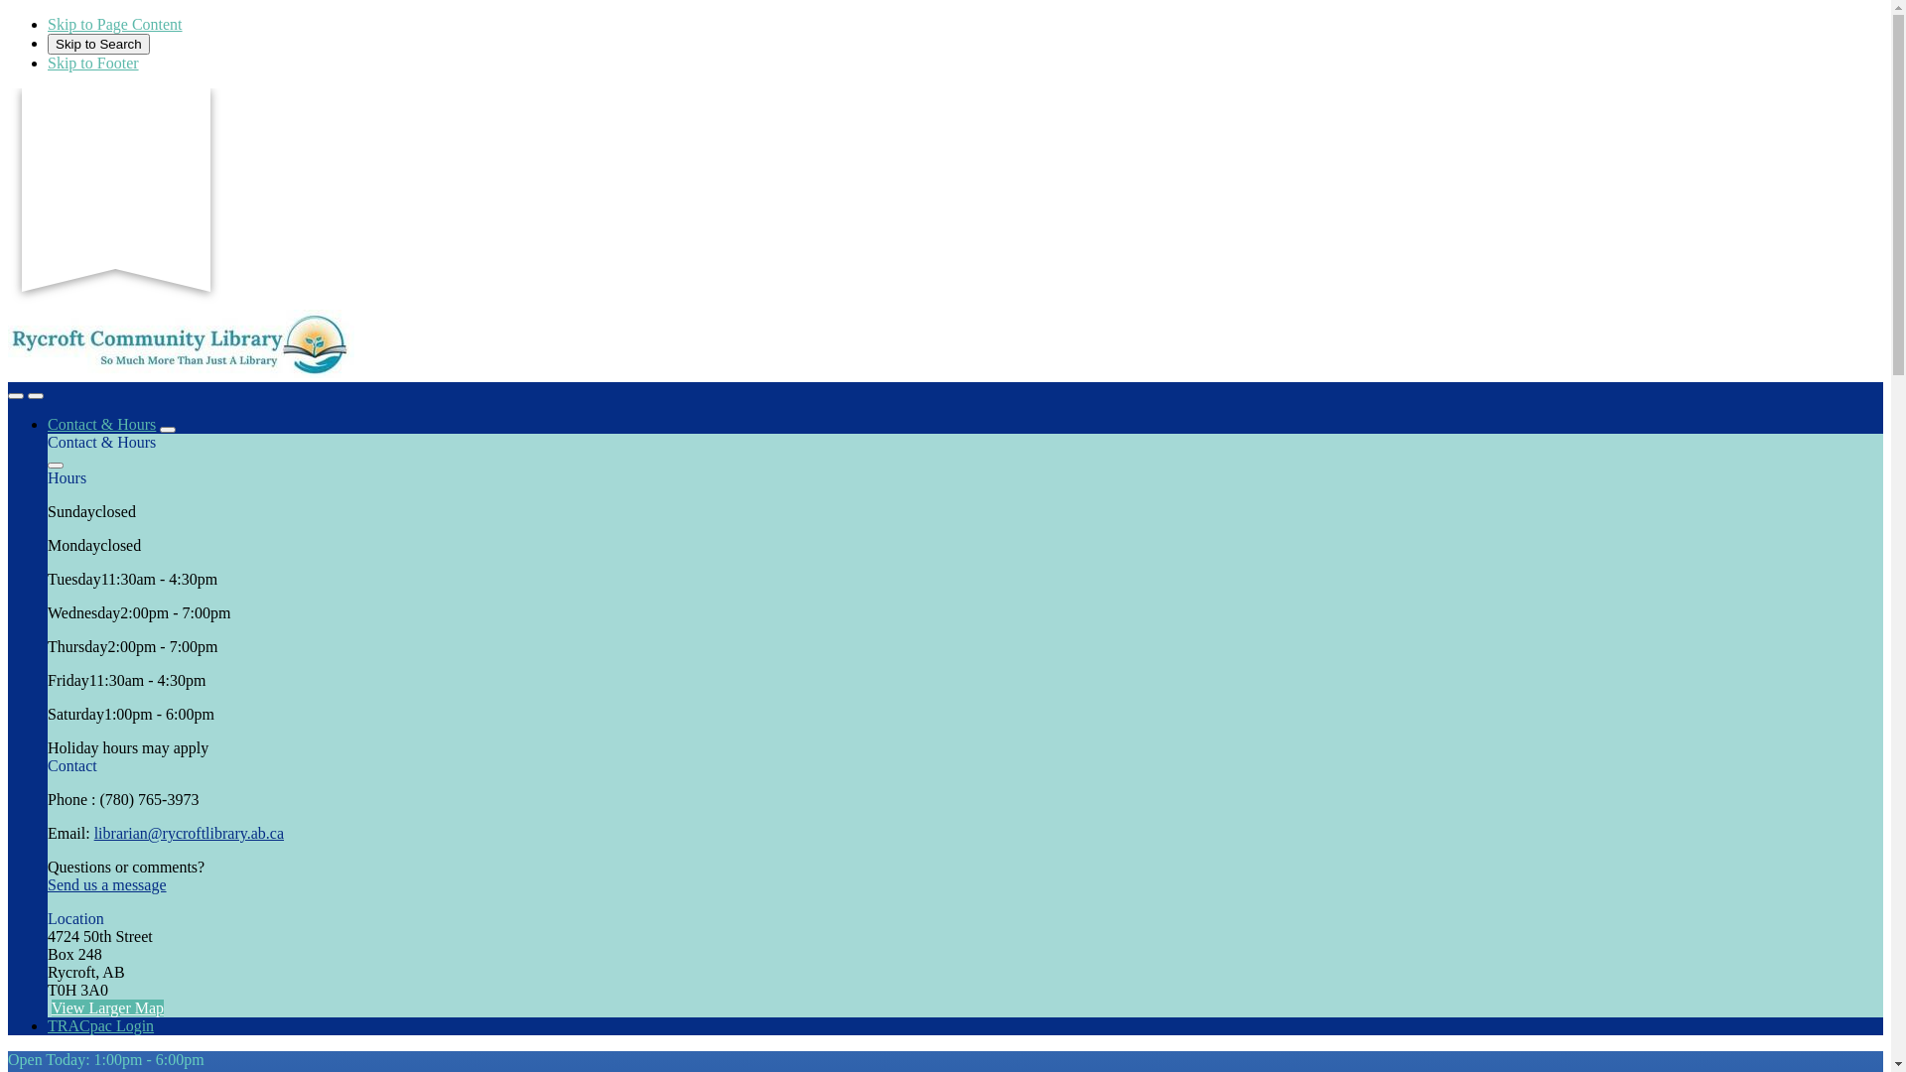  I want to click on 'Skip to Footer', so click(92, 62).